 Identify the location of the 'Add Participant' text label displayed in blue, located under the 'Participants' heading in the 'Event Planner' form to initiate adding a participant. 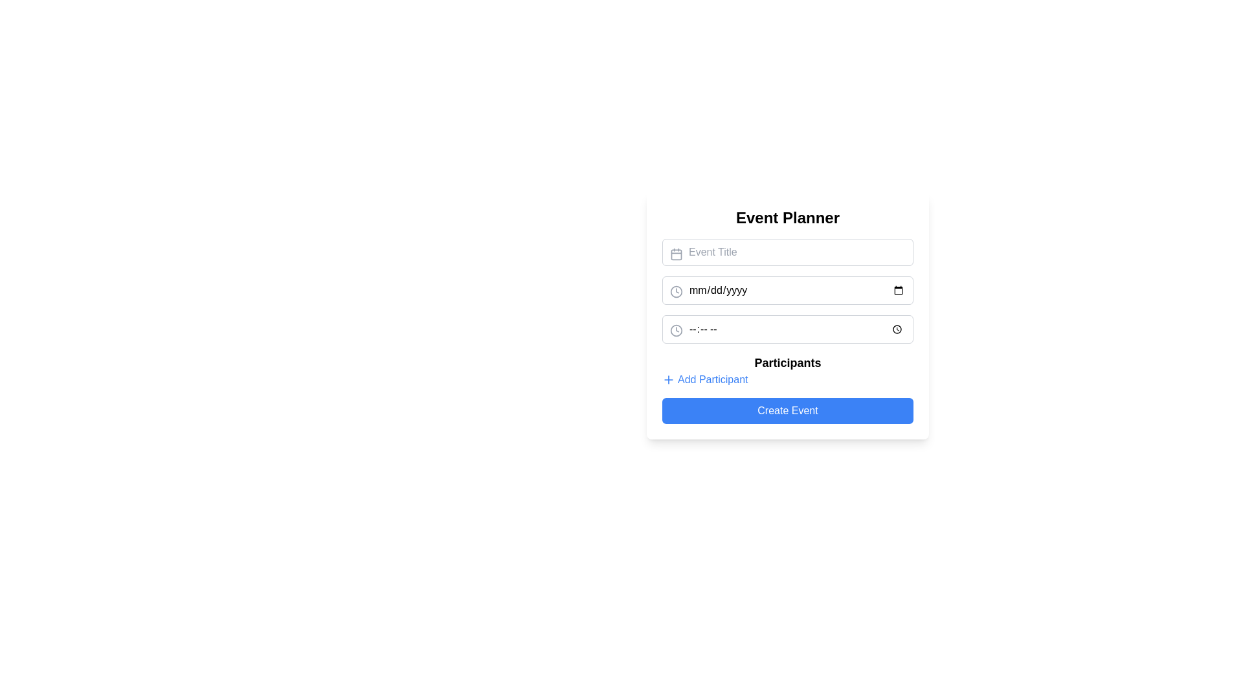
(712, 379).